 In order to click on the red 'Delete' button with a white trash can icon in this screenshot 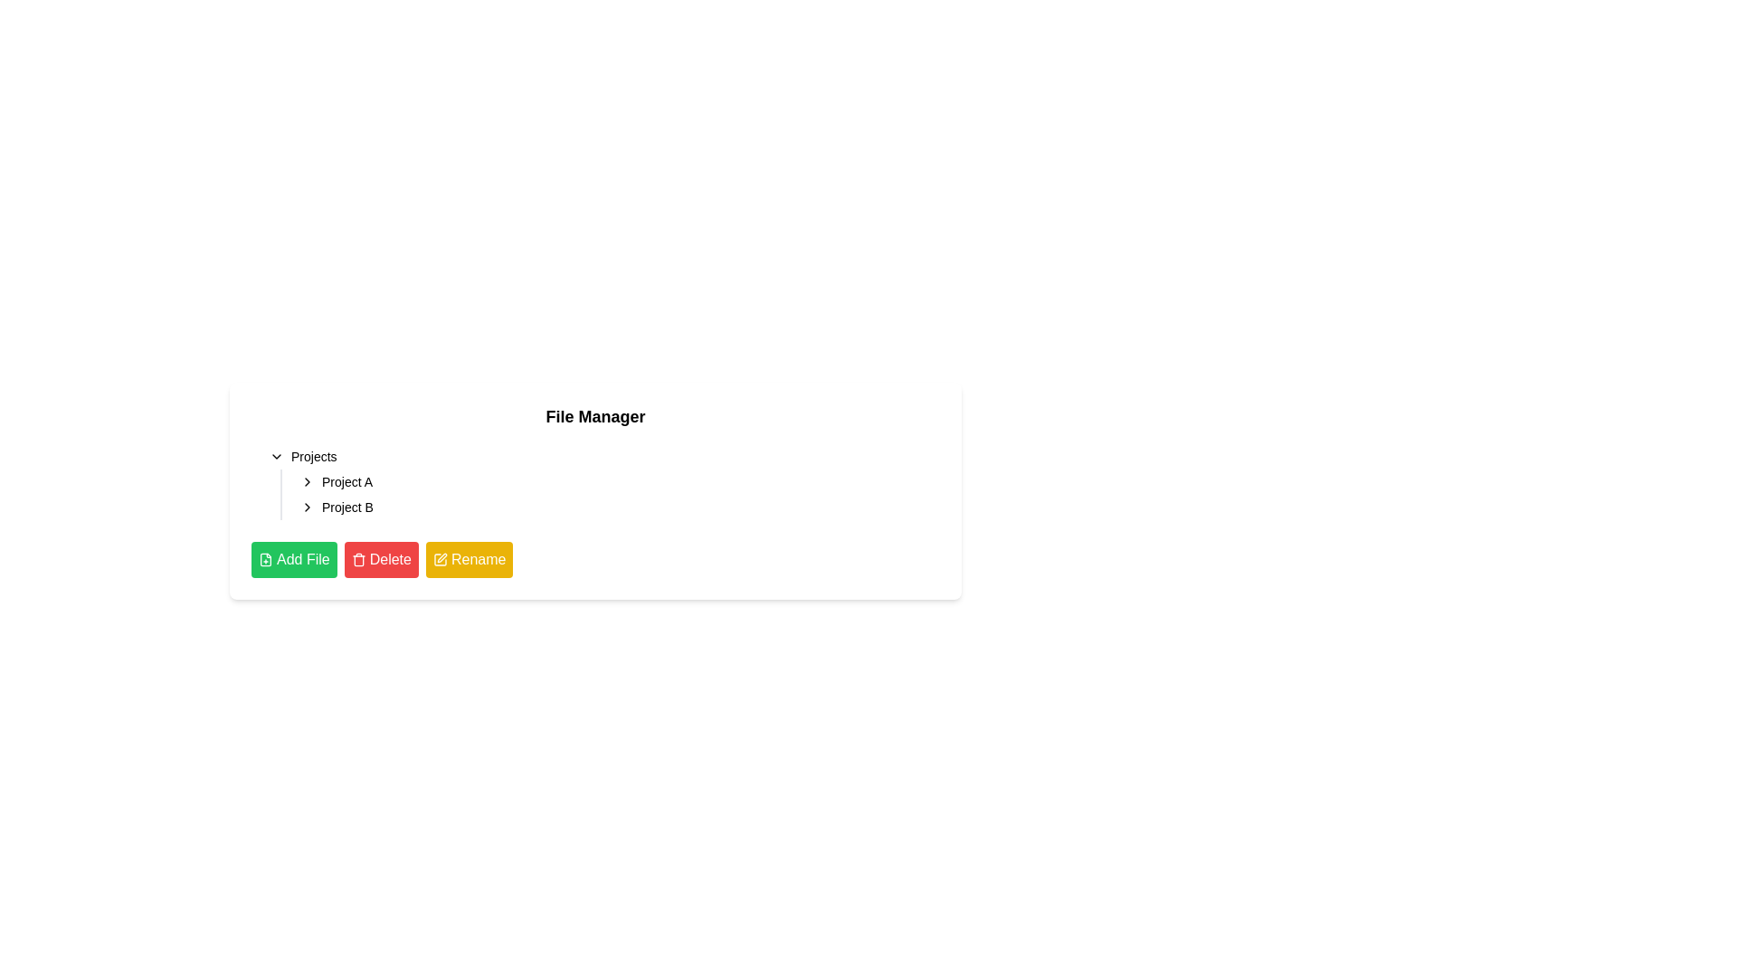, I will do `click(380, 558)`.